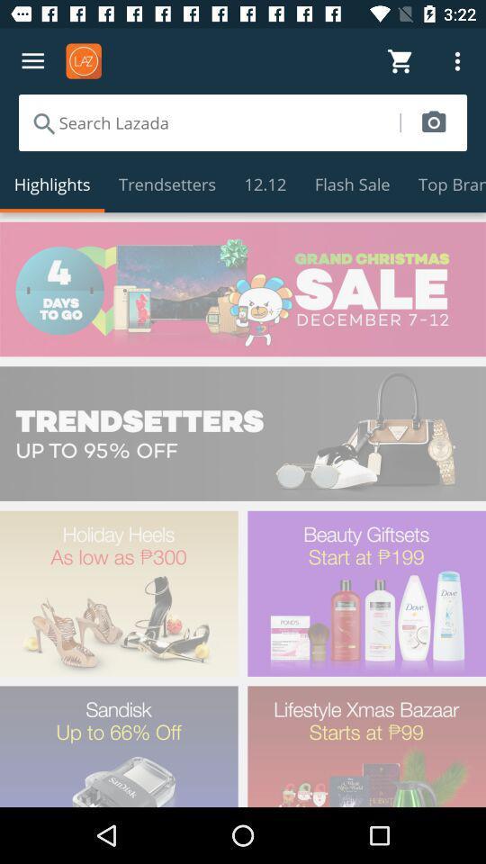  Describe the element at coordinates (433, 121) in the screenshot. I see `icon above the top brands` at that location.